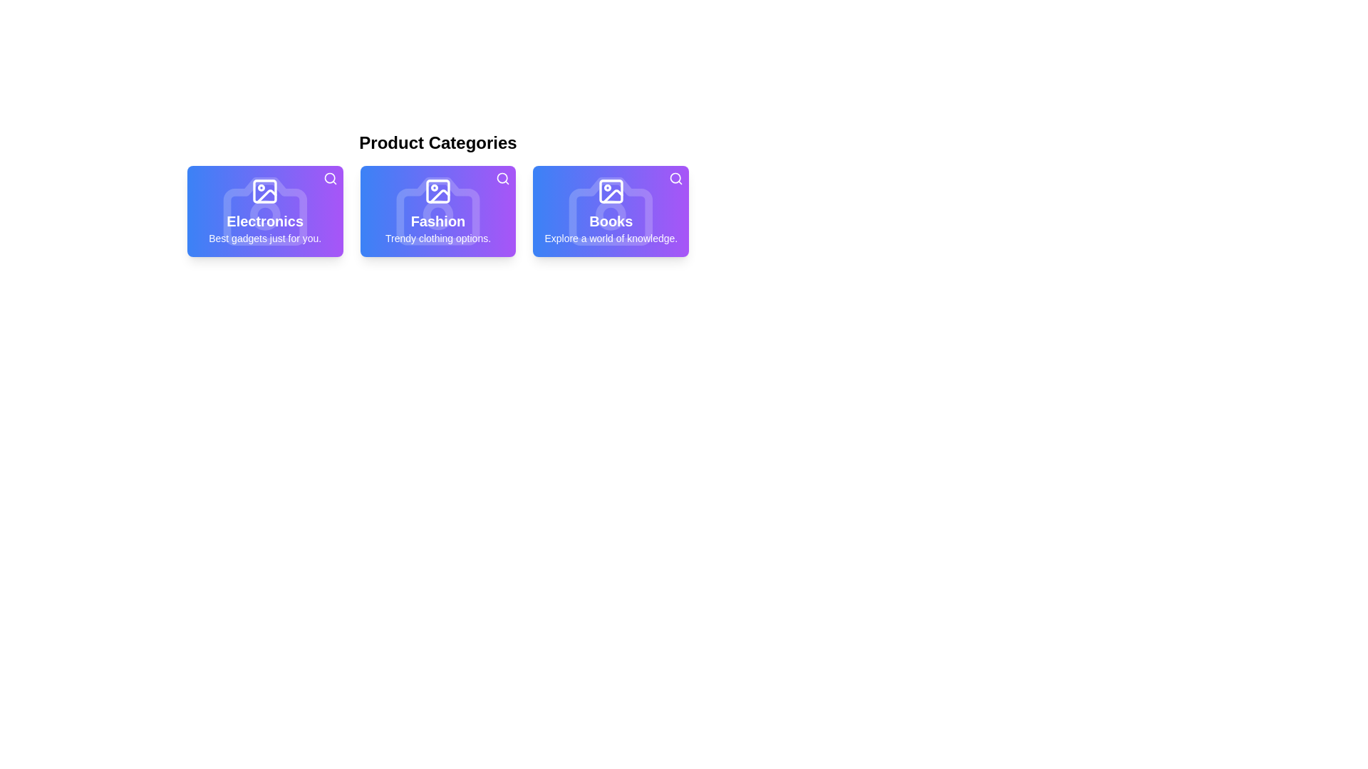  I want to click on the image-related content icon located centrally within the blue-purple rectangular tile labeled 'Electronics', positioned above the text 'Electronics' and 'Best gadgets just for you.', so click(265, 191).